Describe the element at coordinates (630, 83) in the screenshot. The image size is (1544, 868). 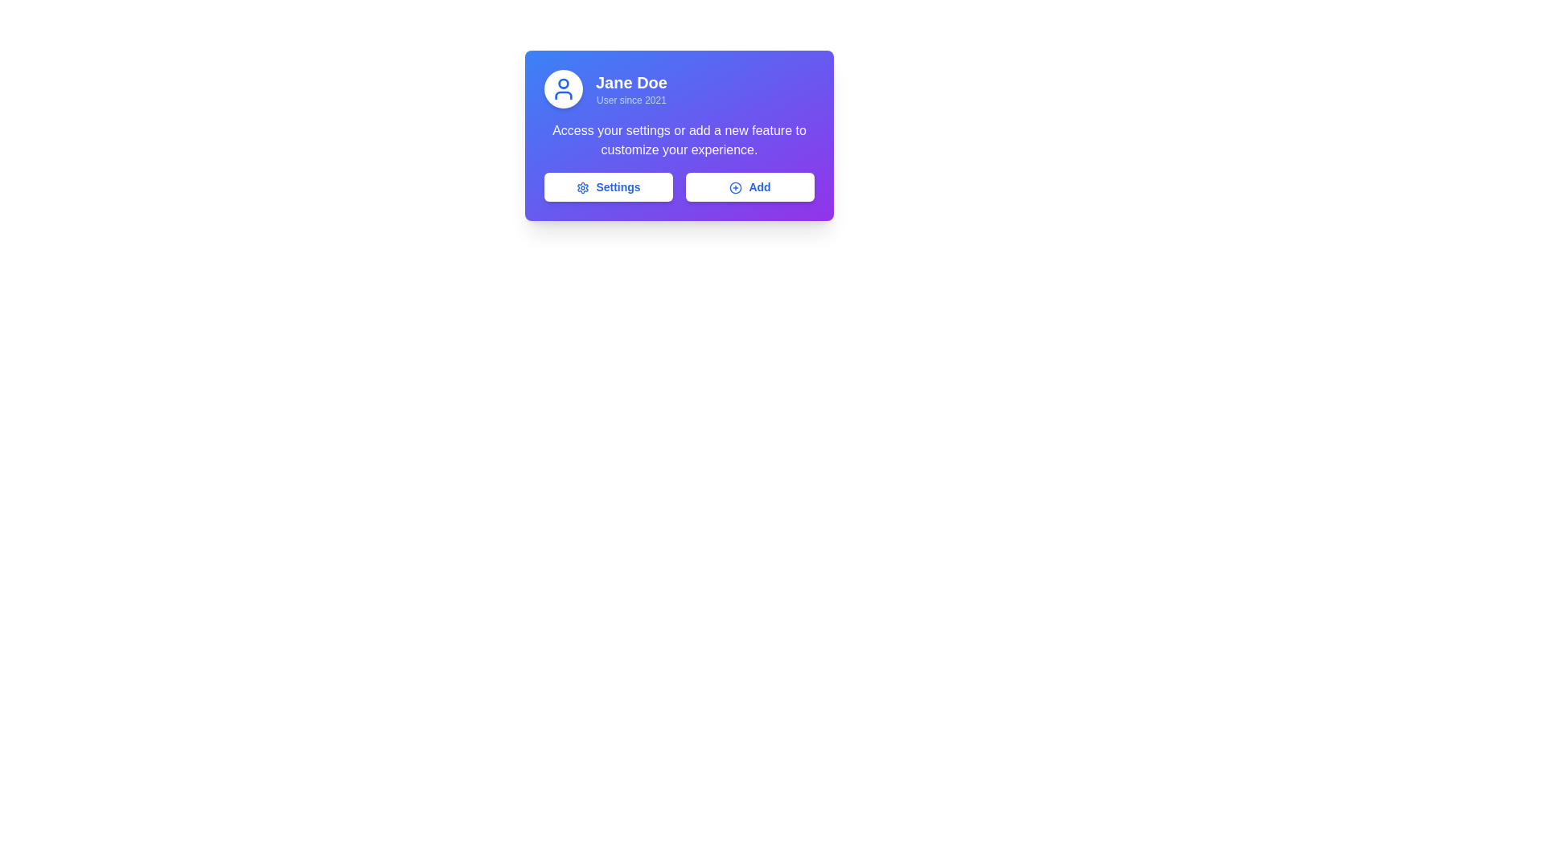
I see `text displayed in the non-interactive label that shows the user's name, located in the top-right corner of the card structure` at that location.